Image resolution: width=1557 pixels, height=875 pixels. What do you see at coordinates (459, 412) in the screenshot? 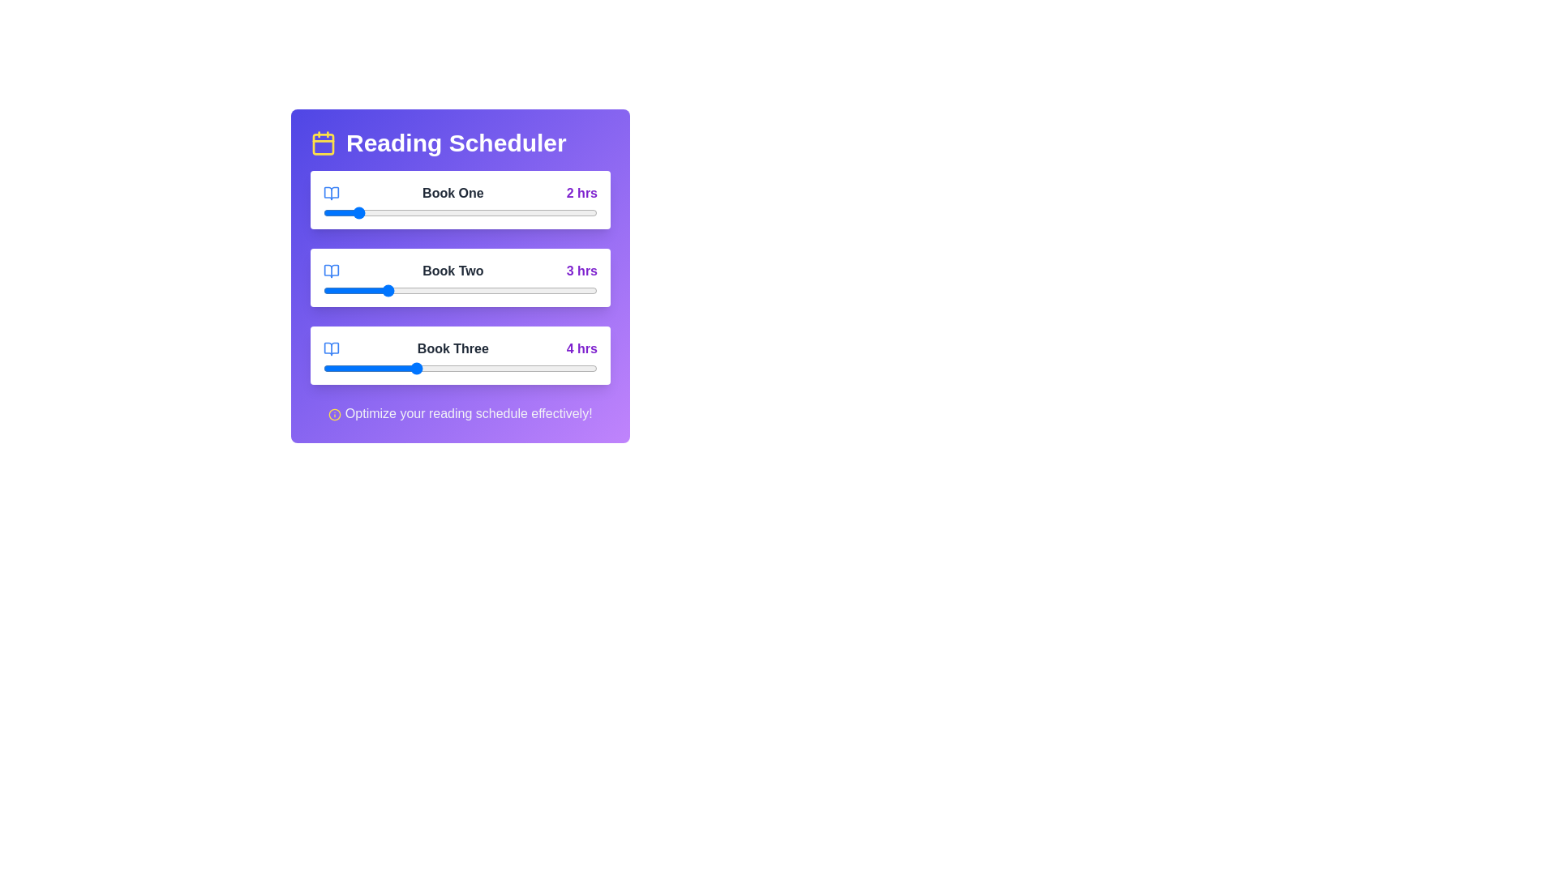
I see `the footer text to engage with additional information or suggestions` at bounding box center [459, 412].